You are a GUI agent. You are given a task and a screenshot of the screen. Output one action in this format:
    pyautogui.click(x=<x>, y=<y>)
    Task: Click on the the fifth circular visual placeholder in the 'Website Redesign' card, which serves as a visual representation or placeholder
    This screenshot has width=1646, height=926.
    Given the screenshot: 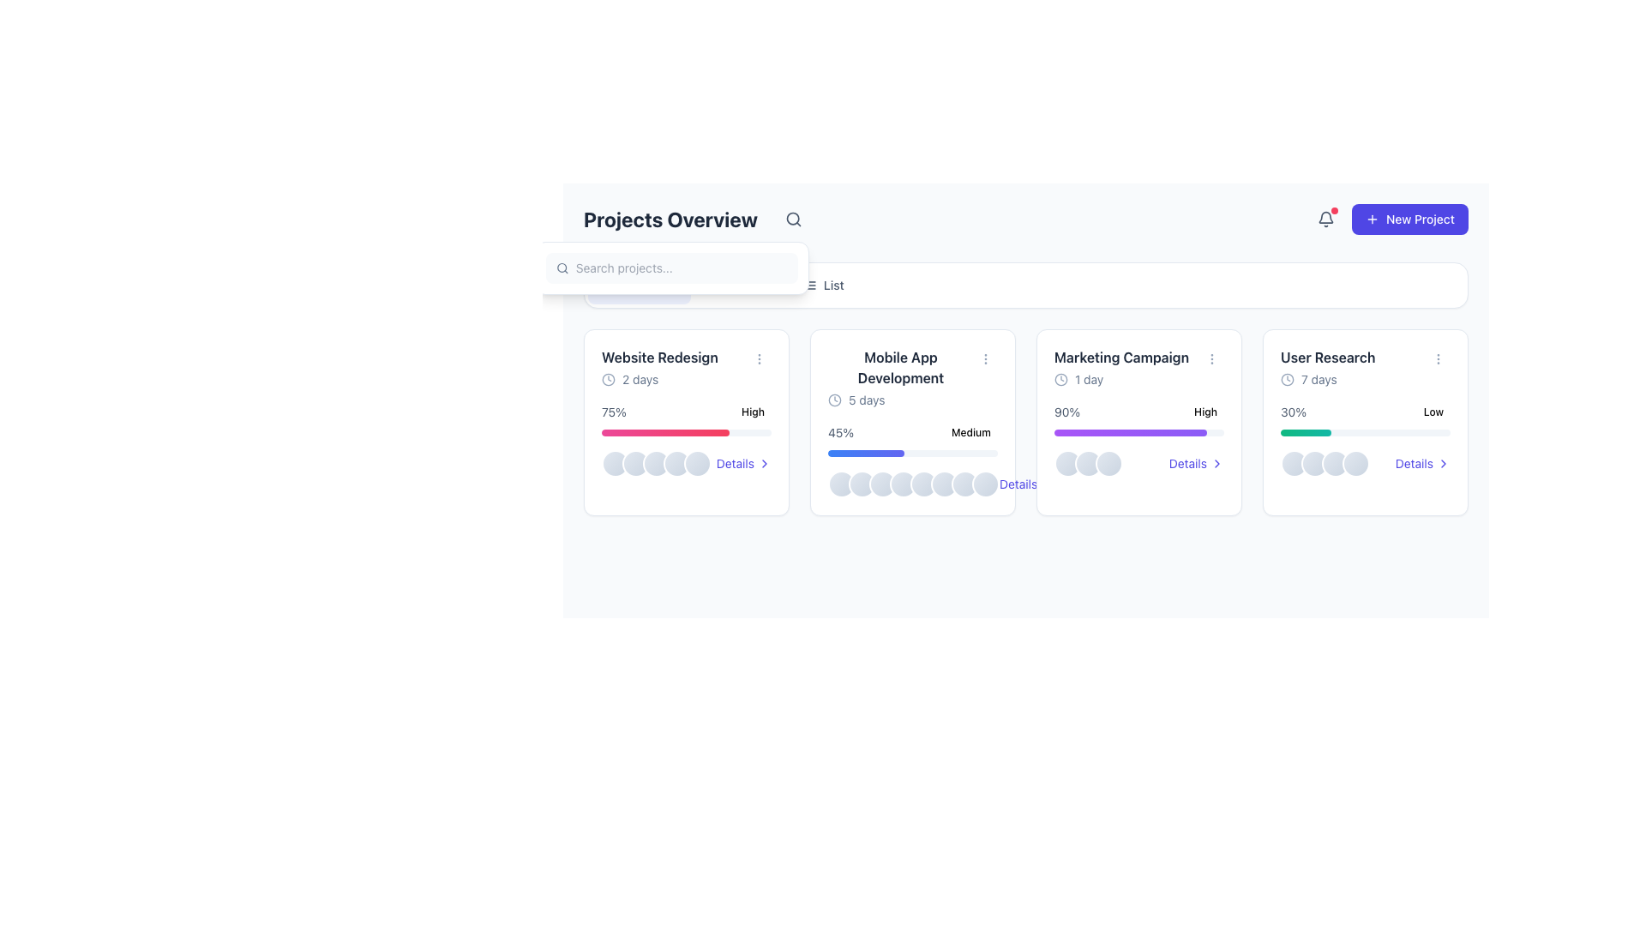 What is the action you would take?
    pyautogui.click(x=698, y=463)
    